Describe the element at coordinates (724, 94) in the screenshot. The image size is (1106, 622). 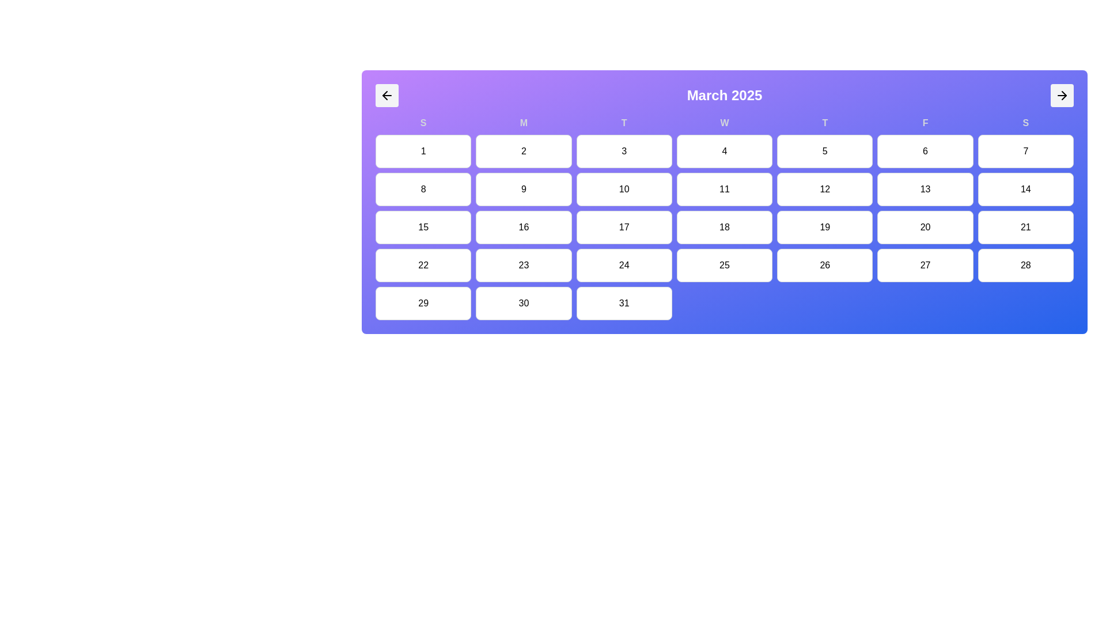
I see `the non-interactive text label that displays the currently selected month and year, located in the center of the navigation strip` at that location.